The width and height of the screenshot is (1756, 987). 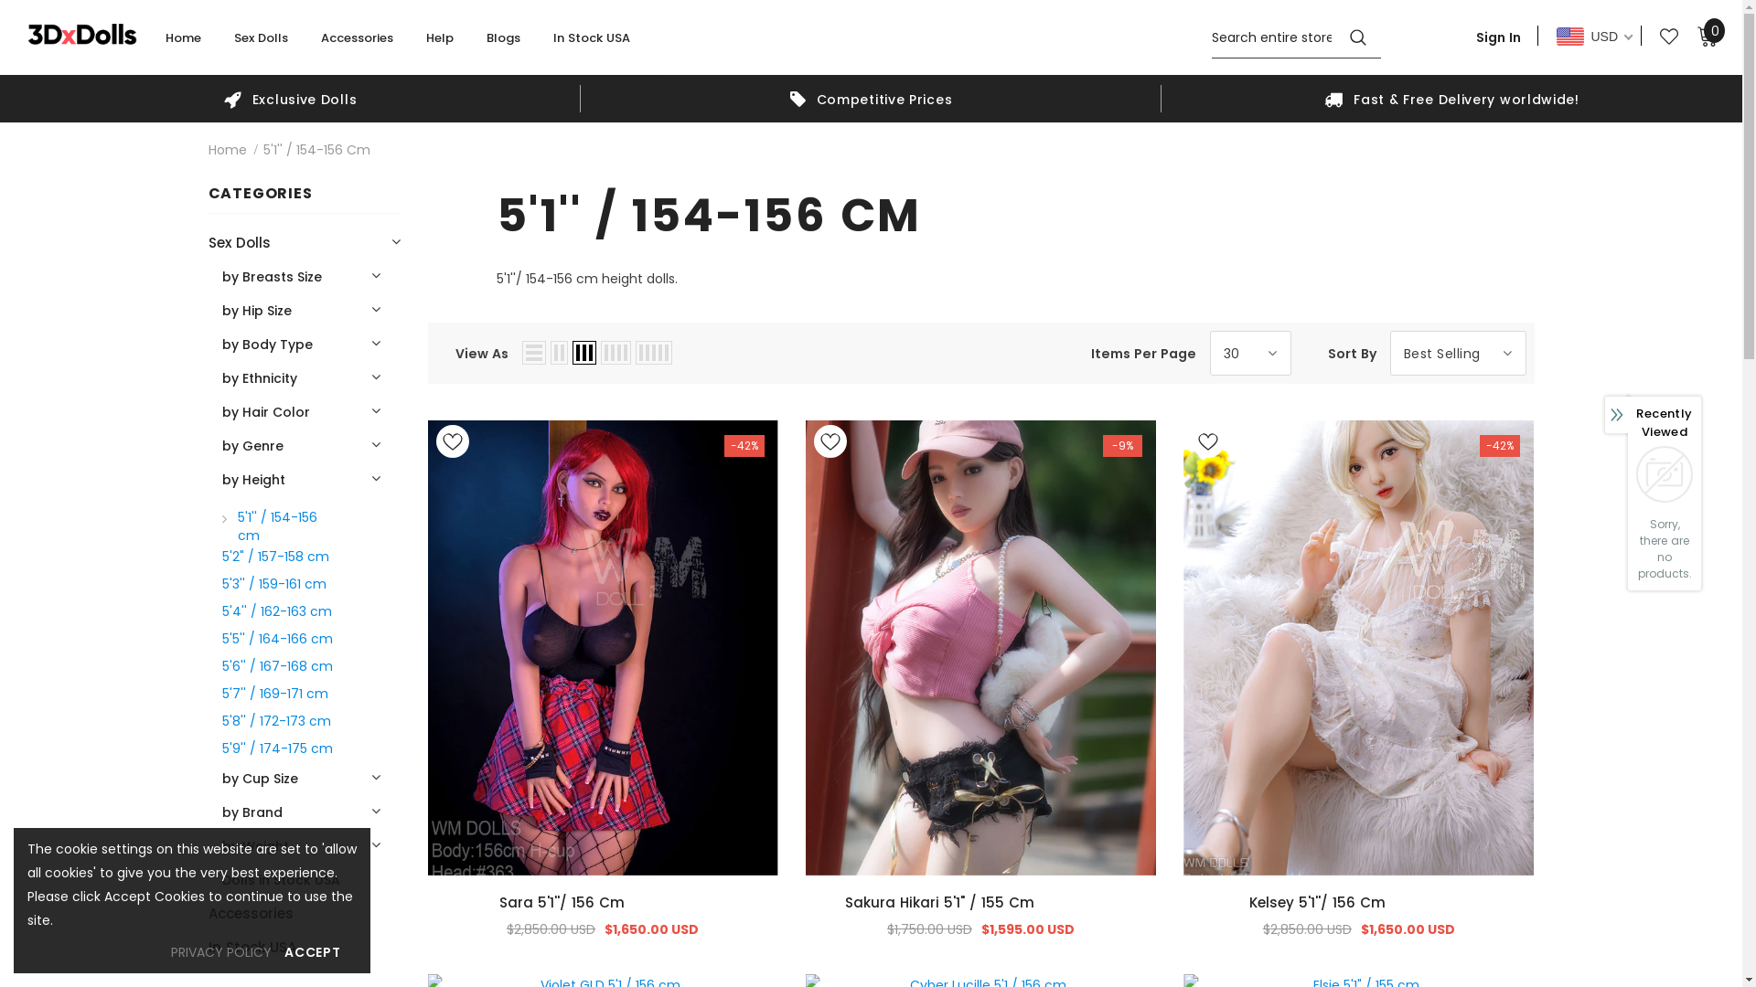 What do you see at coordinates (275, 610) in the screenshot?
I see `'5'4'' / 162-163 cm'` at bounding box center [275, 610].